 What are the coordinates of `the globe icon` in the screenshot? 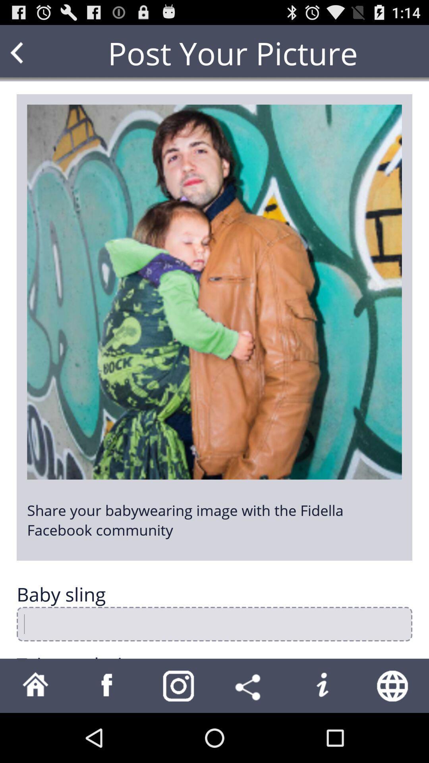 It's located at (393, 734).